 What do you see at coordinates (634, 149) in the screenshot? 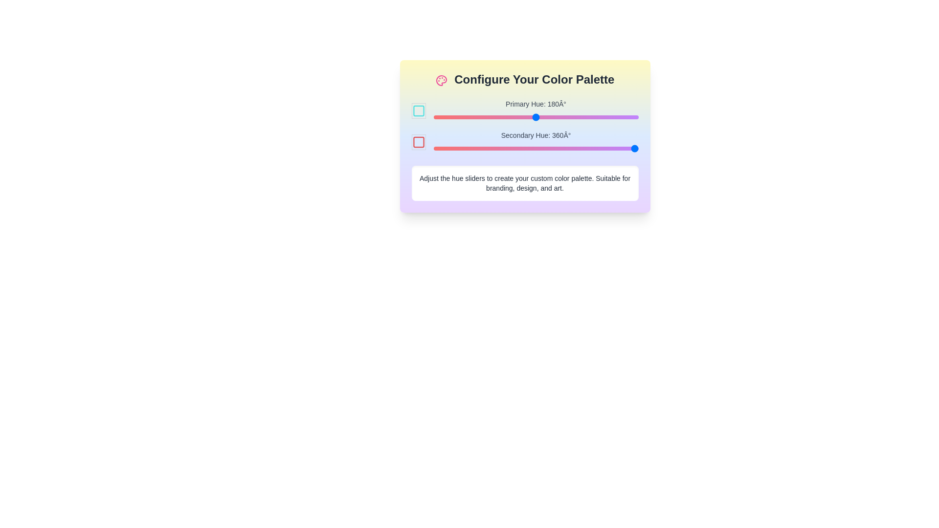
I see `the secondary hue slider to 353°` at bounding box center [634, 149].